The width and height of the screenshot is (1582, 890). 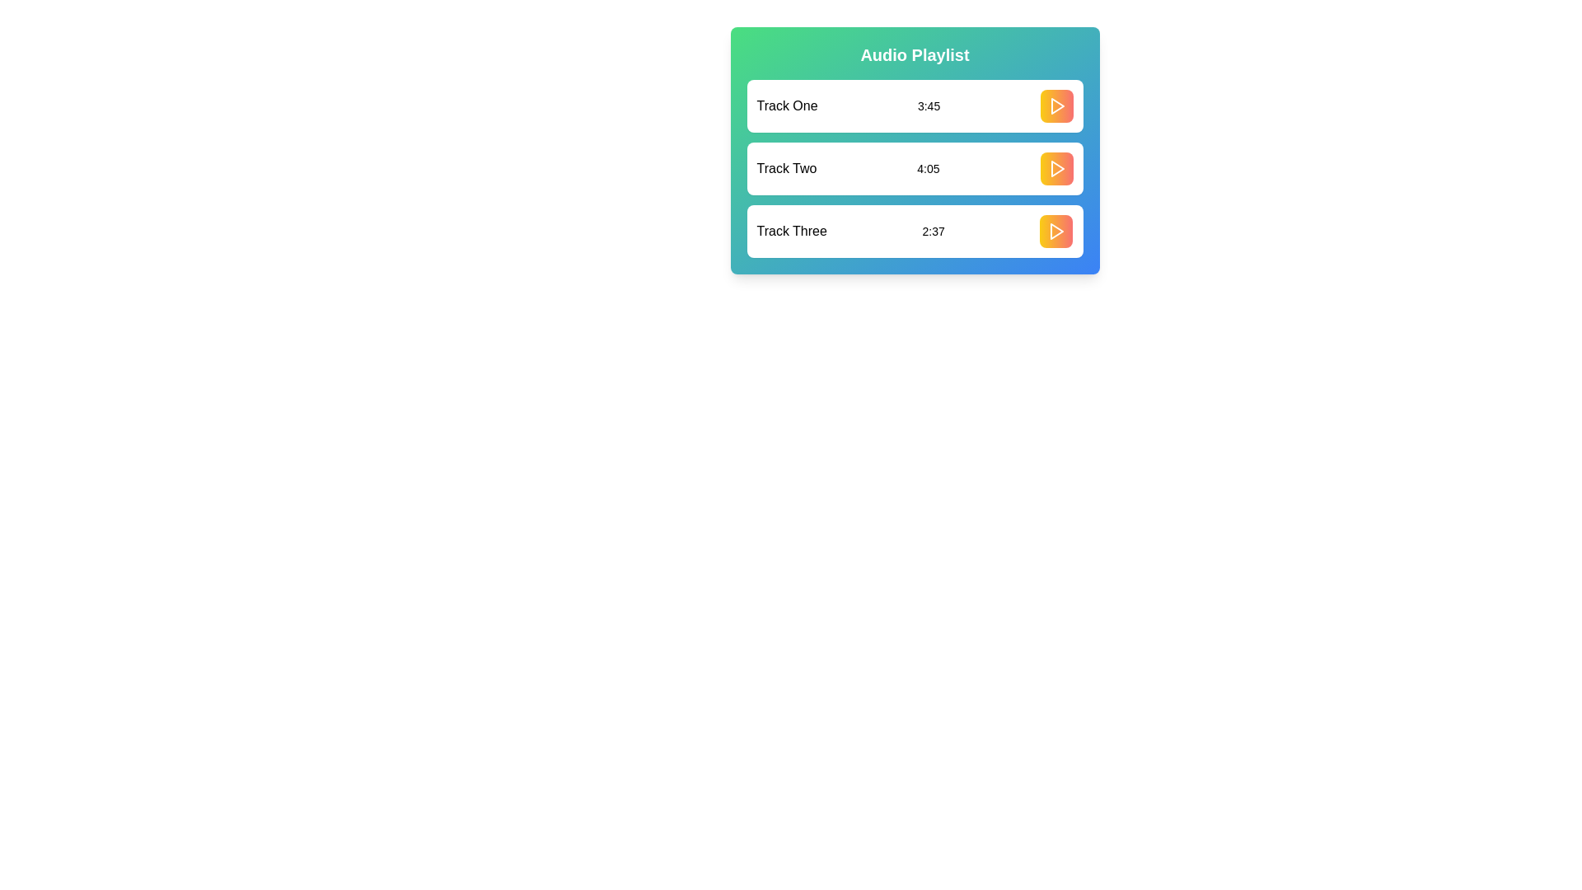 I want to click on the text label indicating the title of the audio track in the playlist interface, located at the top of the track list, so click(x=786, y=105).